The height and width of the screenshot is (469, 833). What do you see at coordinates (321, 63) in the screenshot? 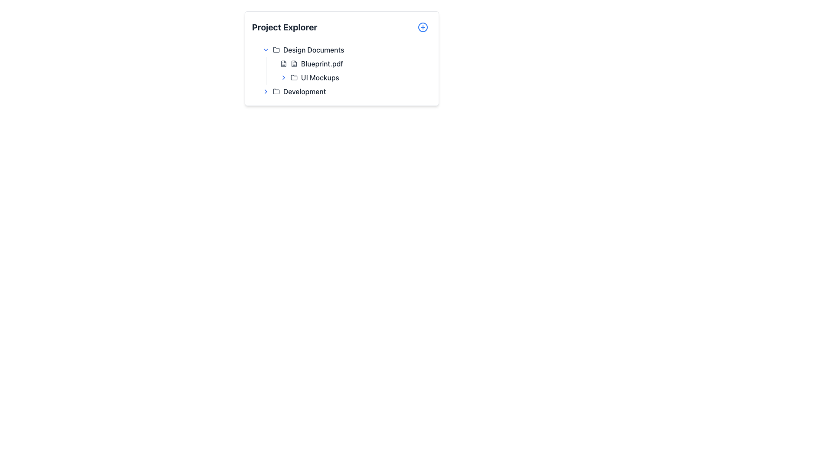
I see `the label for the file 'Blueprint.pdf' located in the 'Design Documents' folder of the 'Project Explorer' module` at bounding box center [321, 63].